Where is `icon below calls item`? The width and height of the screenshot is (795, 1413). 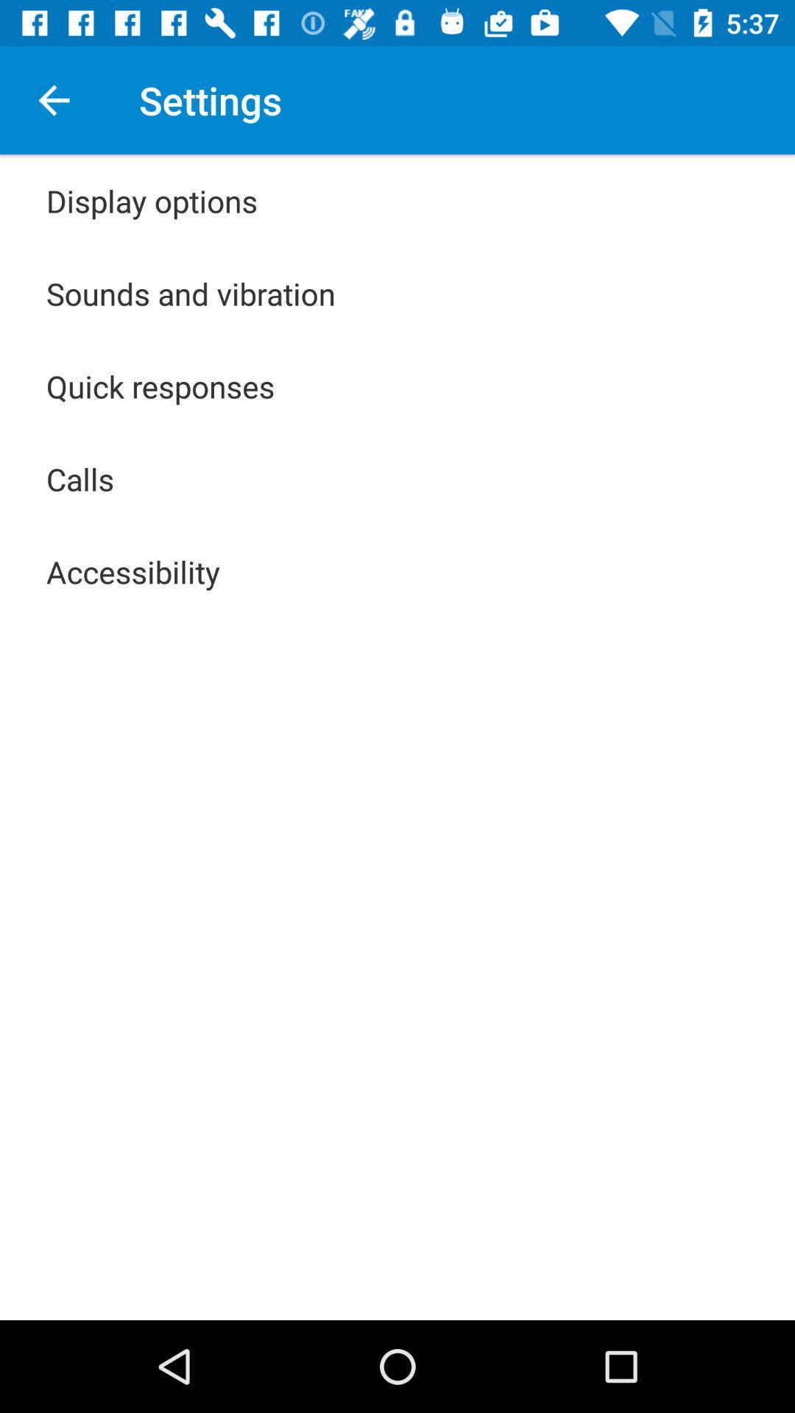 icon below calls item is located at coordinates (133, 571).